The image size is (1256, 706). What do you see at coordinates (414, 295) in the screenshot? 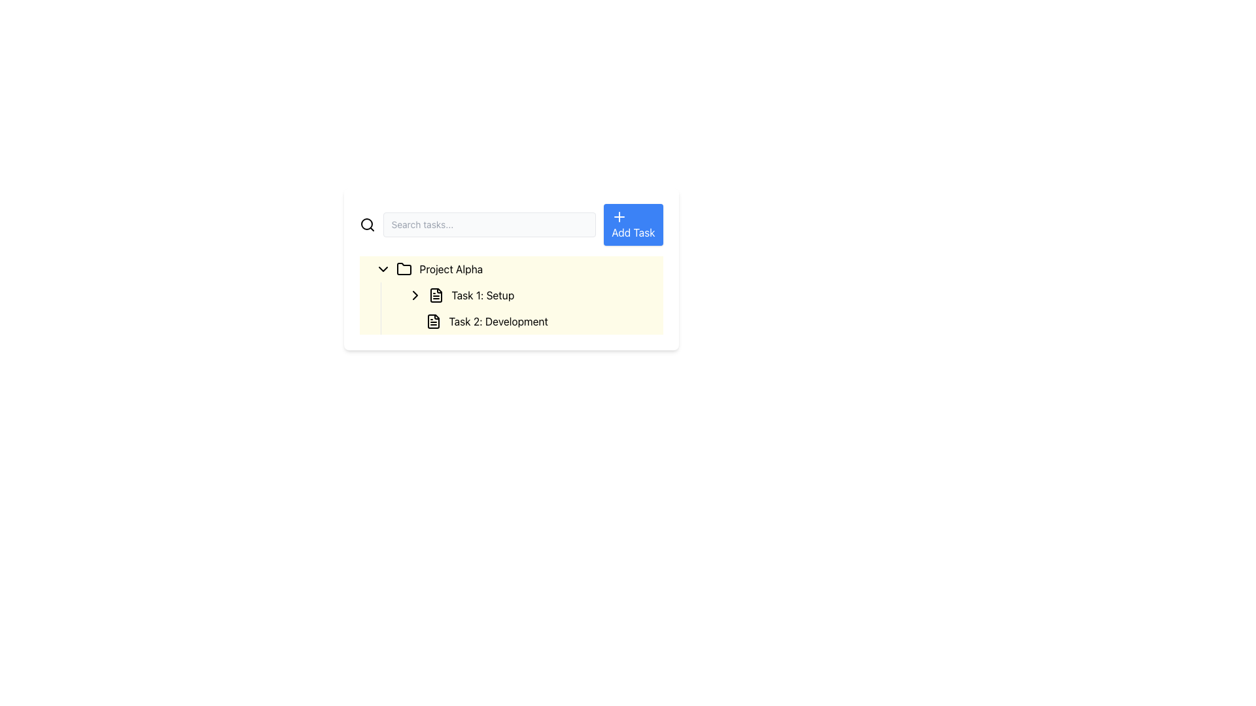
I see `the navigation button located to the left of the text 'Task 1: Setup' in the task list section` at bounding box center [414, 295].